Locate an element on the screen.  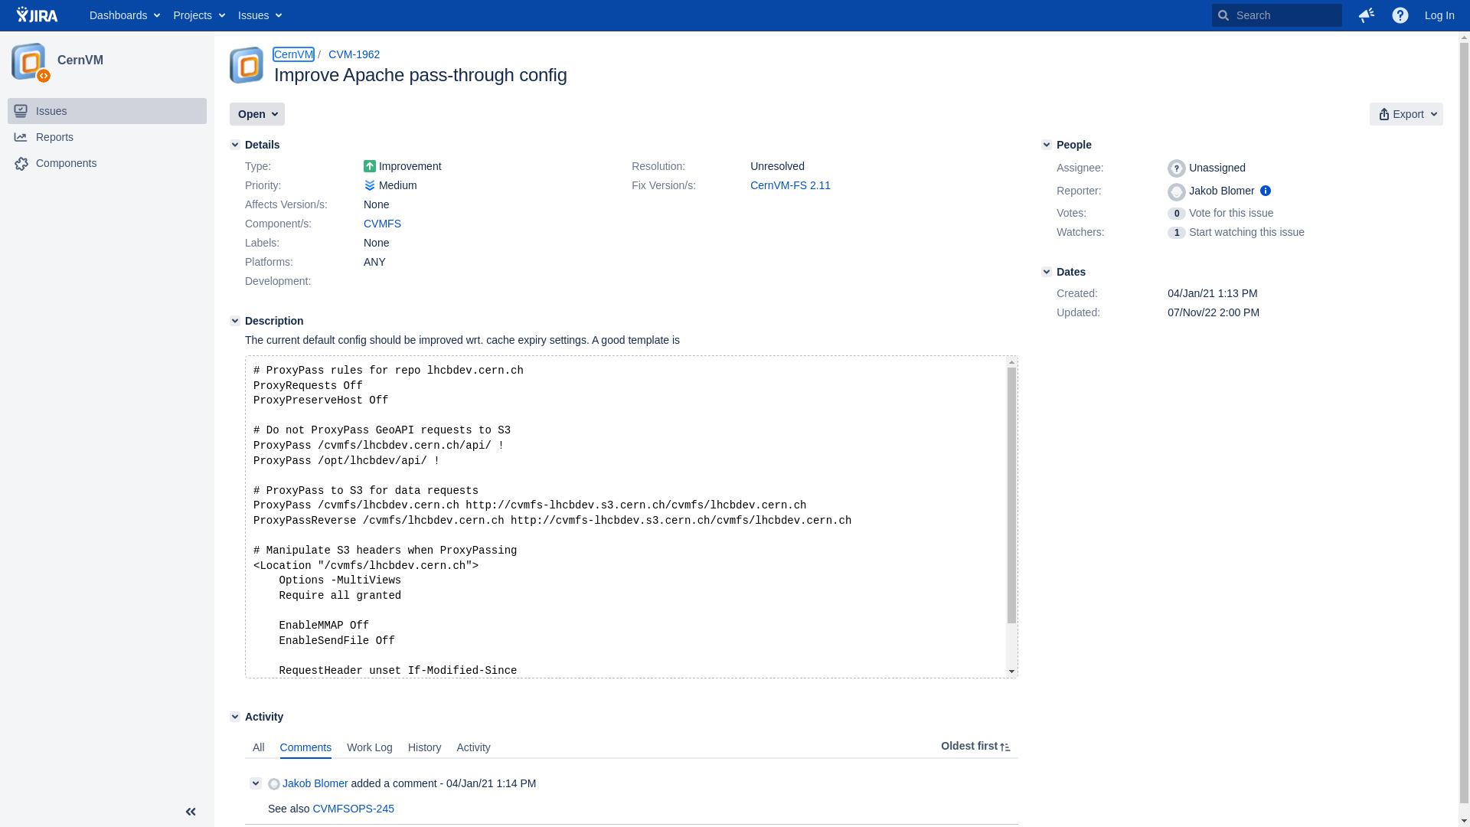
'Search ( Type '/' )' is located at coordinates (1276, 15).